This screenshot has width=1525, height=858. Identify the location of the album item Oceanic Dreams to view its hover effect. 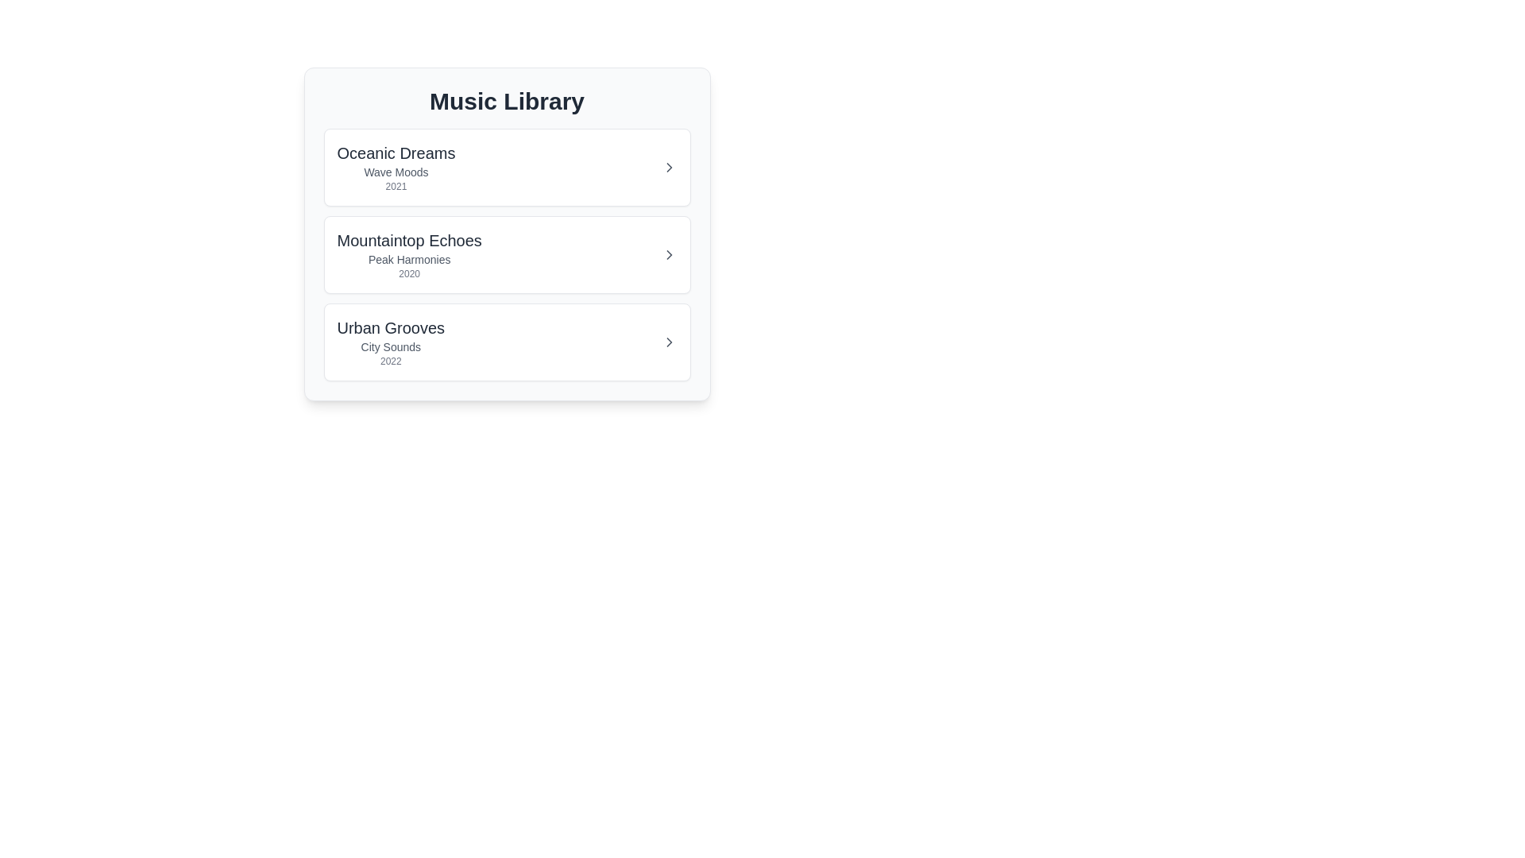
(506, 168).